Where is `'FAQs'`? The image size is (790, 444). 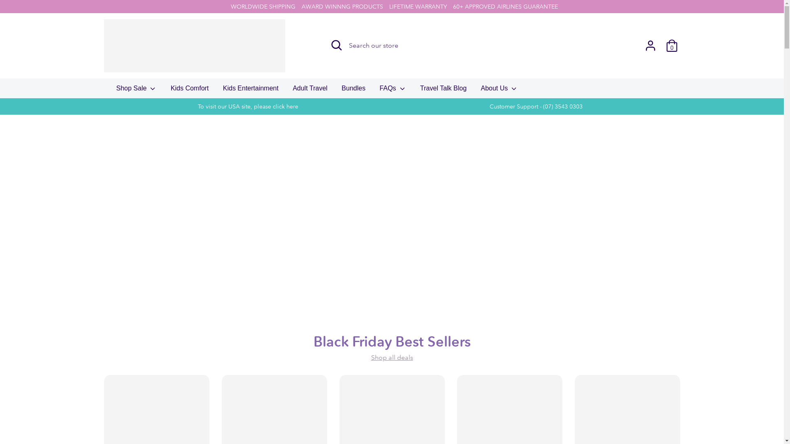 'FAQs' is located at coordinates (393, 90).